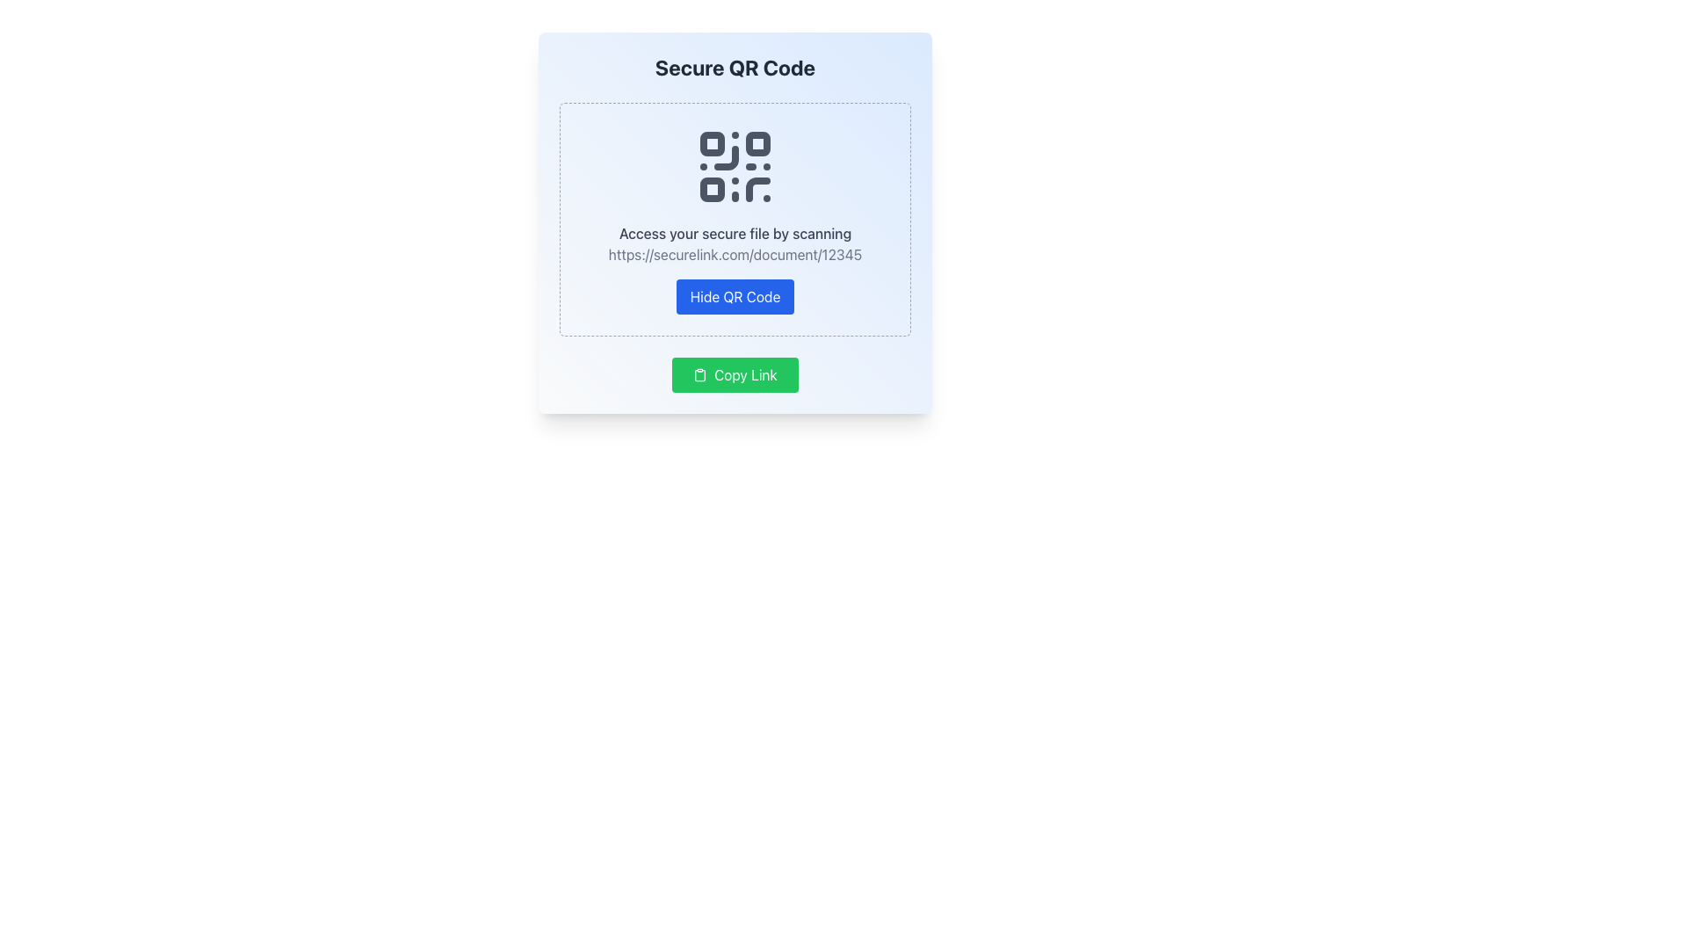  Describe the element at coordinates (735, 296) in the screenshot. I see `the 'Hide QR Code' button to observe style changes` at that location.